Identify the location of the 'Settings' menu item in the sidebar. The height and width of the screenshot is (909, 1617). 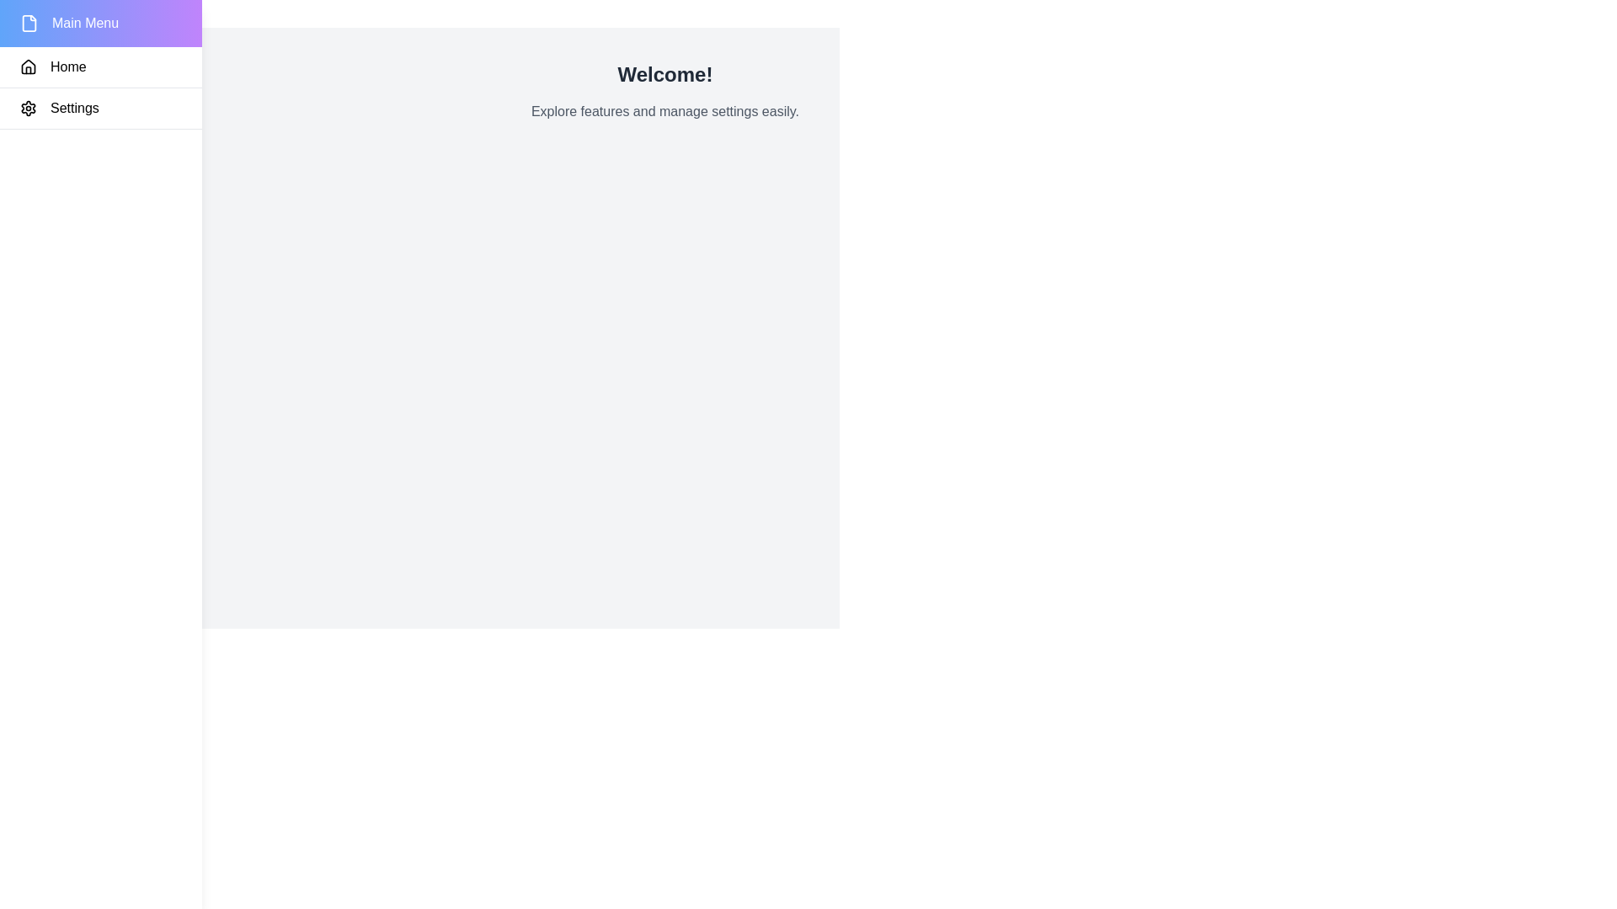
(100, 109).